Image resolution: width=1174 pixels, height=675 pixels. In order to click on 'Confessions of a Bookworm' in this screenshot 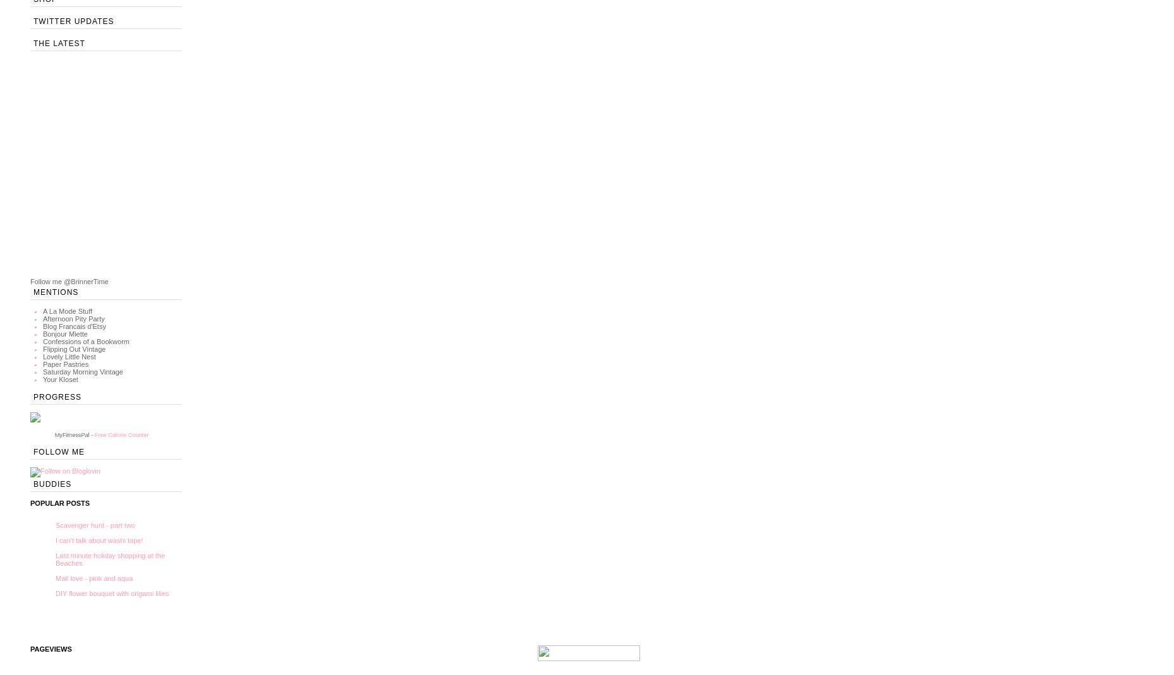, I will do `click(86, 342)`.